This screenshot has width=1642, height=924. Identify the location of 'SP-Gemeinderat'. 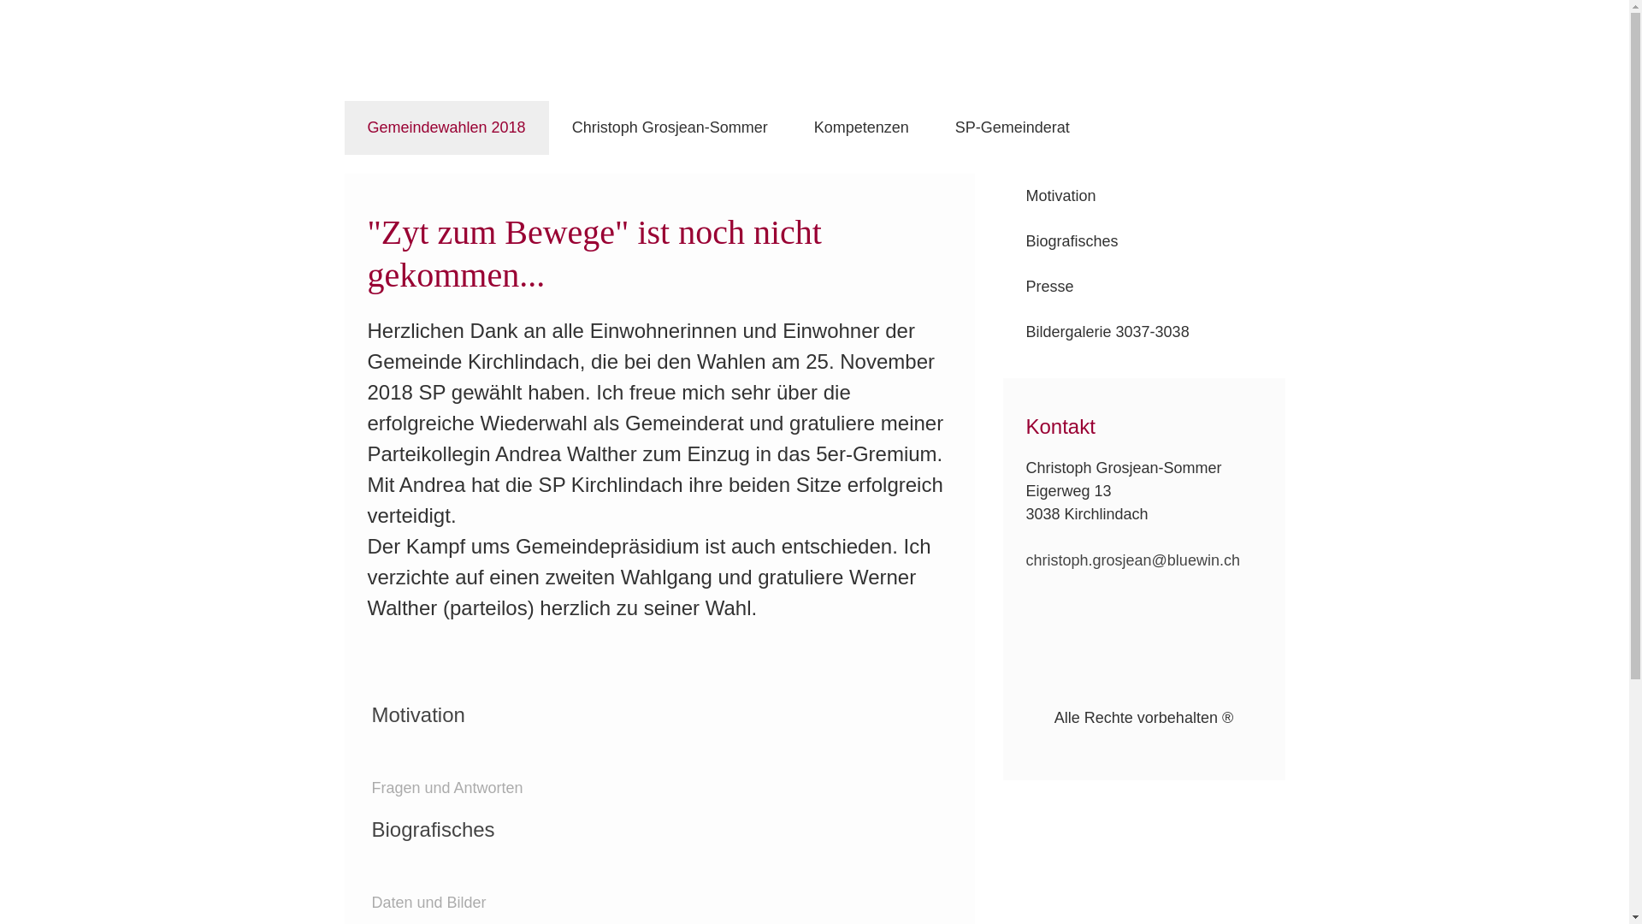
(1013, 127).